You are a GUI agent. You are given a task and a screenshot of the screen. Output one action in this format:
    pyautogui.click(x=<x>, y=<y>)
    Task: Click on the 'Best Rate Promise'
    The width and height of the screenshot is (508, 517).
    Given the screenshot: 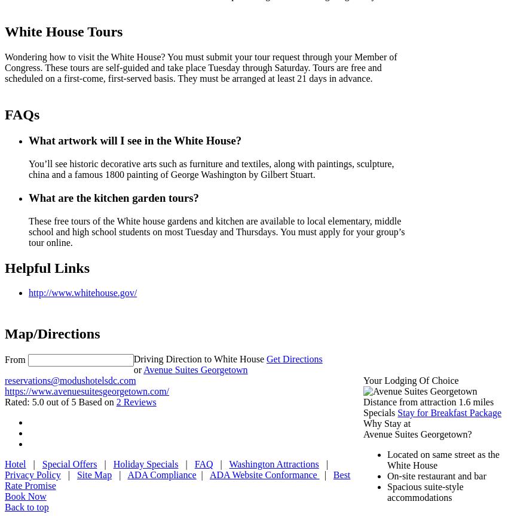 What is the action you would take?
    pyautogui.click(x=176, y=479)
    